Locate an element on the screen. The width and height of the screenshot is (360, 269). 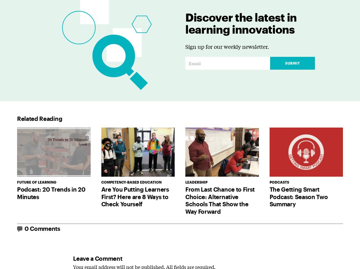
'Competency-Based Education' is located at coordinates (131, 182).